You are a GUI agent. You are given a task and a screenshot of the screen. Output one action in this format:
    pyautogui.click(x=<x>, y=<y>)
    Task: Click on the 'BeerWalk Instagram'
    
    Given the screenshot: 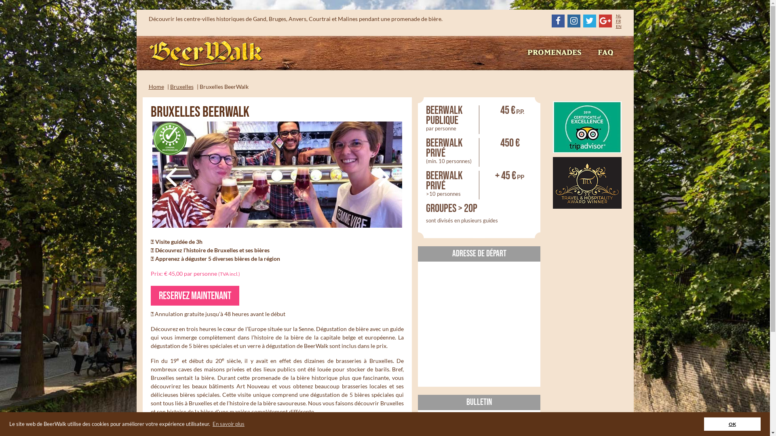 What is the action you would take?
    pyautogui.click(x=574, y=20)
    